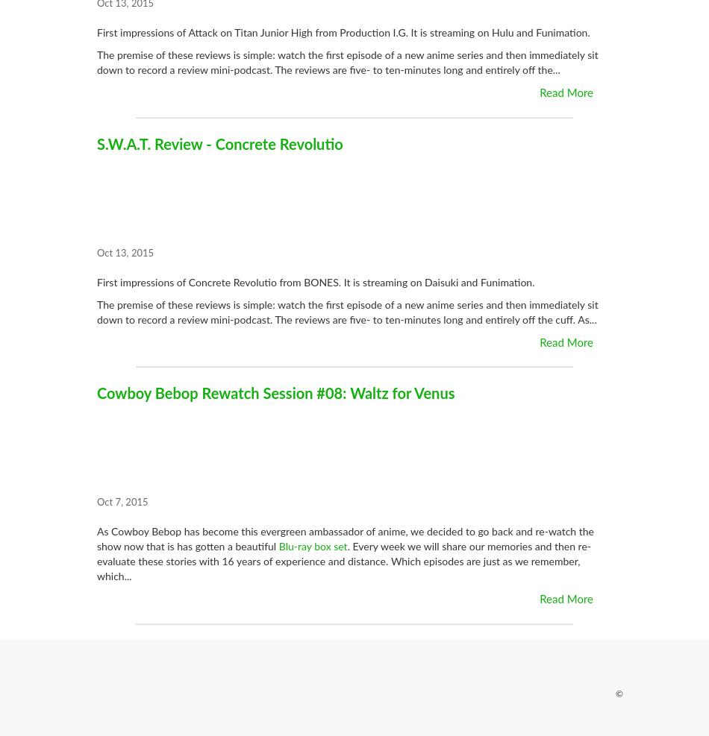 Image resolution: width=709 pixels, height=736 pixels. What do you see at coordinates (219, 144) in the screenshot?
I see `'S.W.A.T. Review - Concrete Revolutio'` at bounding box center [219, 144].